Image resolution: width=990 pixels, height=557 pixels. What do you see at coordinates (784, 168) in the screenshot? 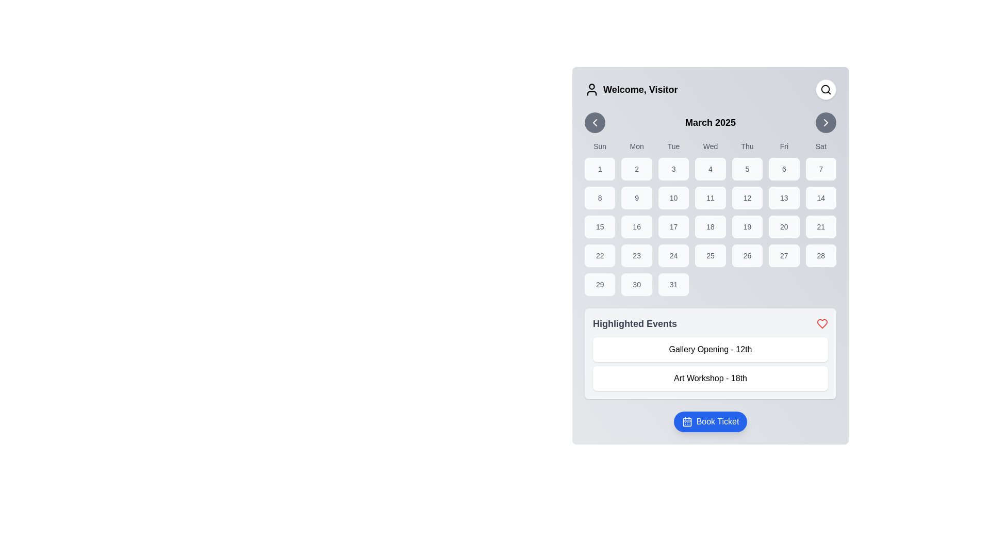
I see `the button representing the 6th day of March 2025 in the calendar grid` at bounding box center [784, 168].